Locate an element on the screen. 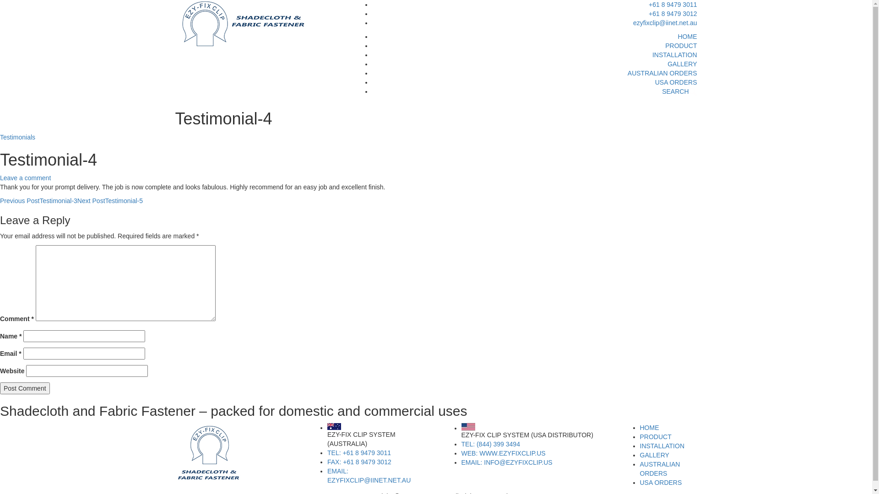 The height and width of the screenshot is (494, 879). 'Leave a comment' is located at coordinates (25, 178).